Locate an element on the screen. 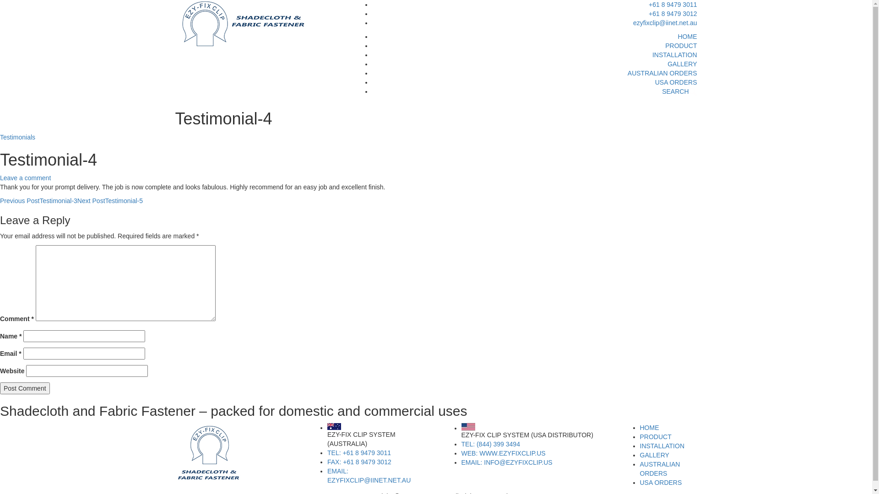 The height and width of the screenshot is (494, 879). 'Leave a comment' is located at coordinates (25, 178).